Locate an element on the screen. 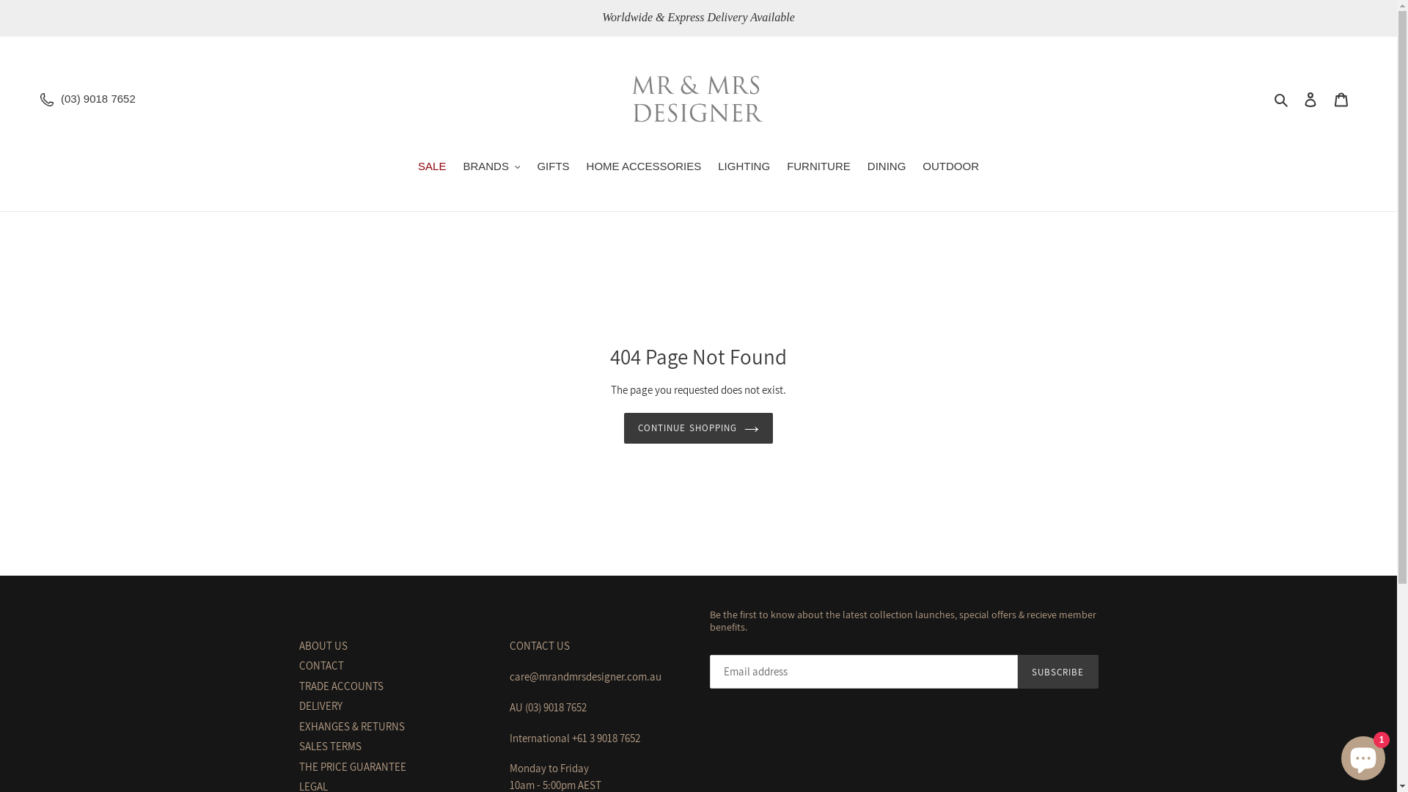 This screenshot has height=792, width=1408. 'CONTINUE SHOPPING' is located at coordinates (697, 428).